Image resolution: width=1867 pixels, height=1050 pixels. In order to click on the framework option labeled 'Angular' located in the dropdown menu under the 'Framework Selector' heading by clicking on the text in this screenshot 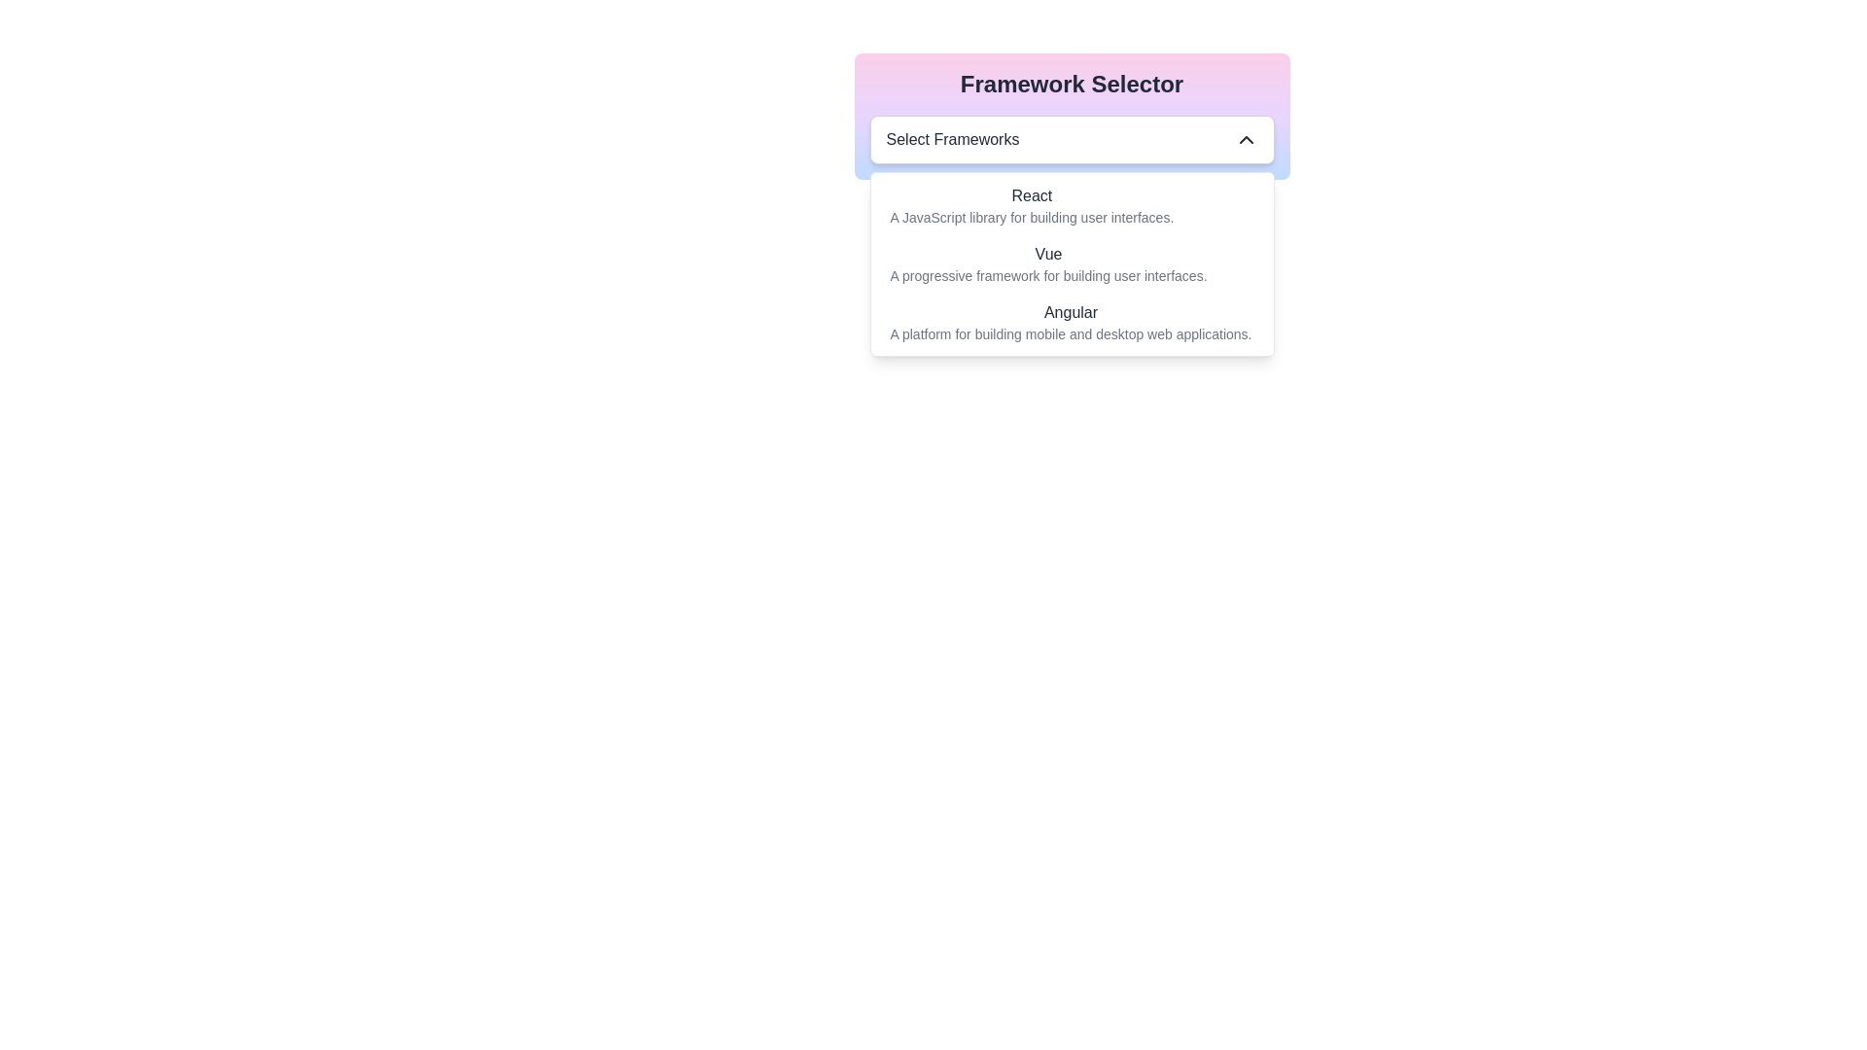, I will do `click(1070, 311)`.